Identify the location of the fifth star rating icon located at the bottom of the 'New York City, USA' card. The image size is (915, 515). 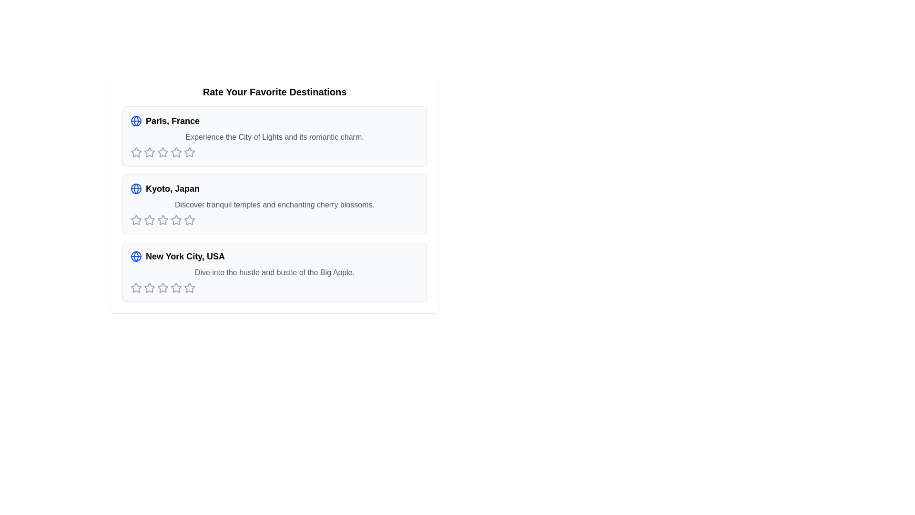
(176, 288).